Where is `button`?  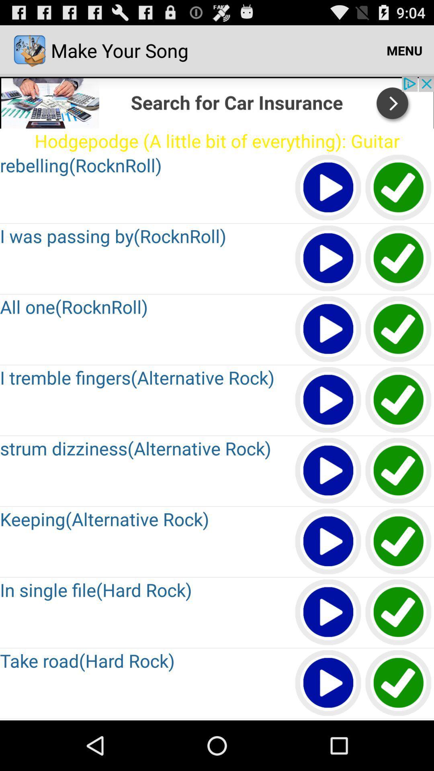 button is located at coordinates (399, 259).